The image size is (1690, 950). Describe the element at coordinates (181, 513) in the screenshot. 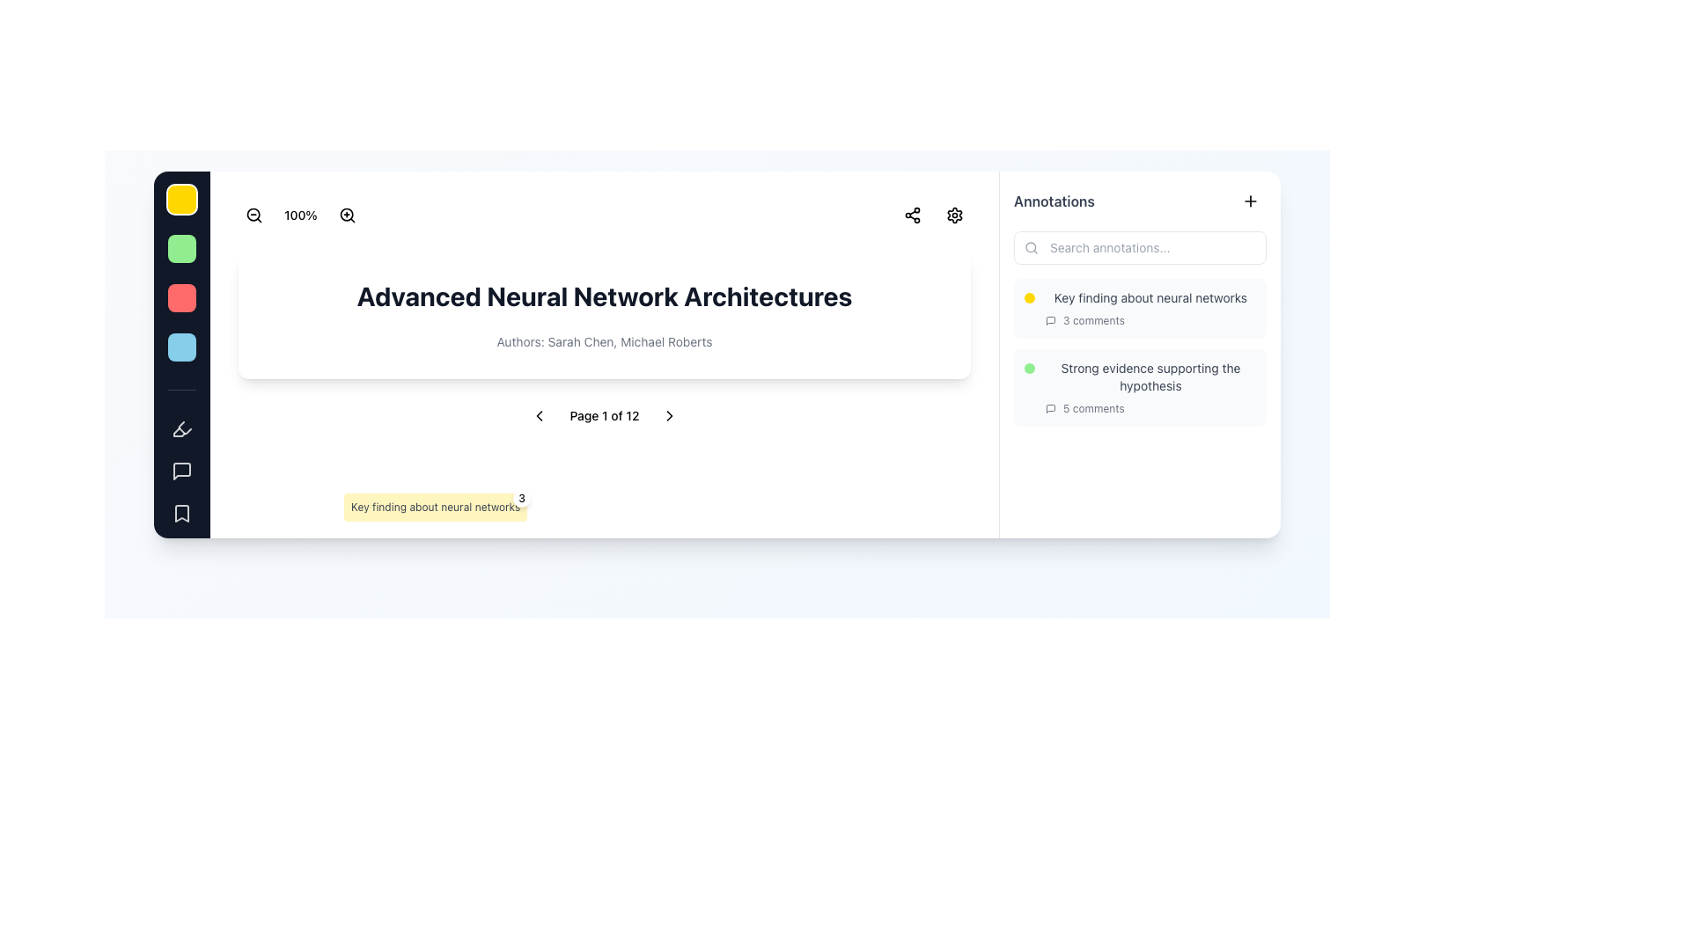

I see `the bookmark icon located at the bottom of the vertical navigation menu on the left side of the application interface` at that location.